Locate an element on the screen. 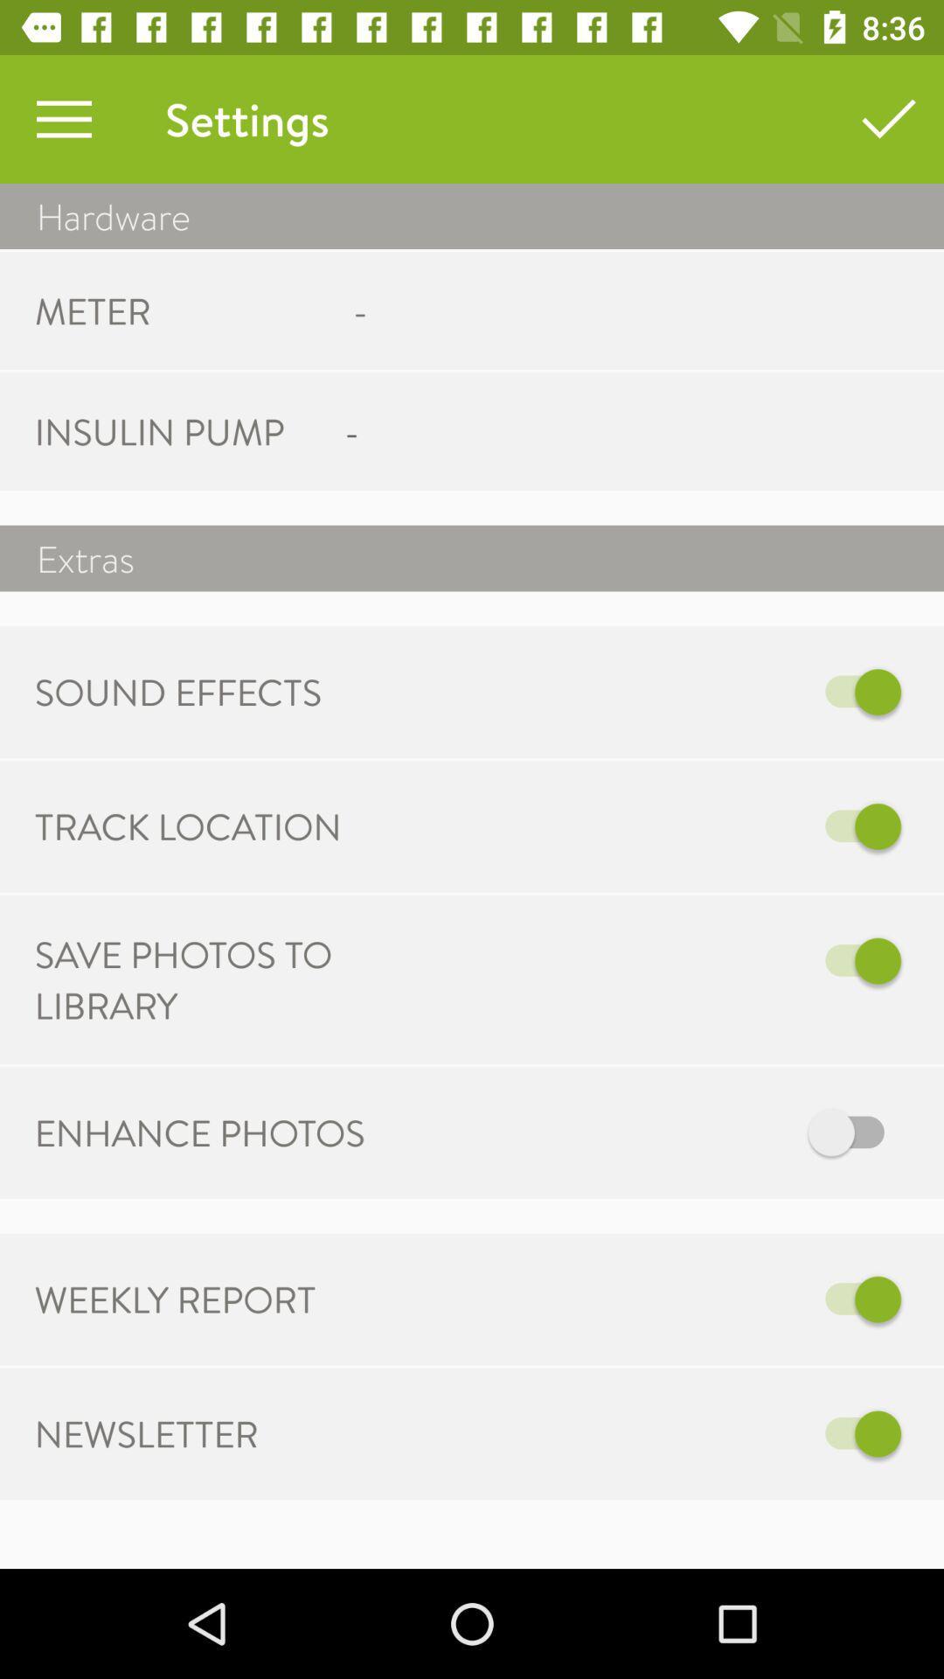  item to the right of track location is located at coordinates (653, 826).